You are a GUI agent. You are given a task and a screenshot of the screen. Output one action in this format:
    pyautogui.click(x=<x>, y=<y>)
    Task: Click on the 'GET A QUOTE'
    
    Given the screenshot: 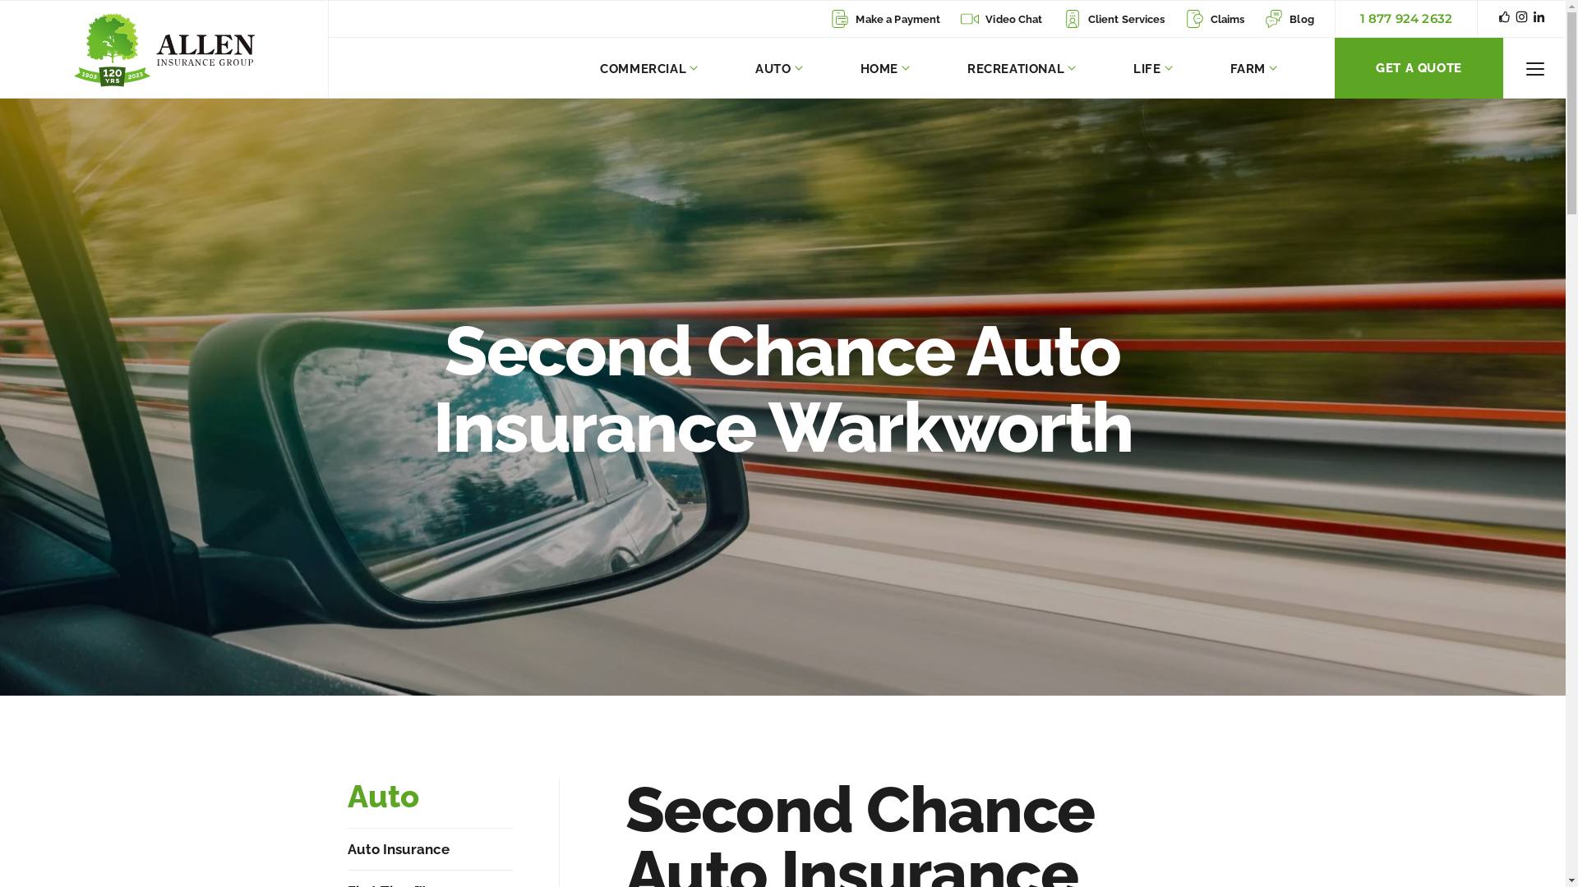 What is the action you would take?
    pyautogui.click(x=1418, y=67)
    